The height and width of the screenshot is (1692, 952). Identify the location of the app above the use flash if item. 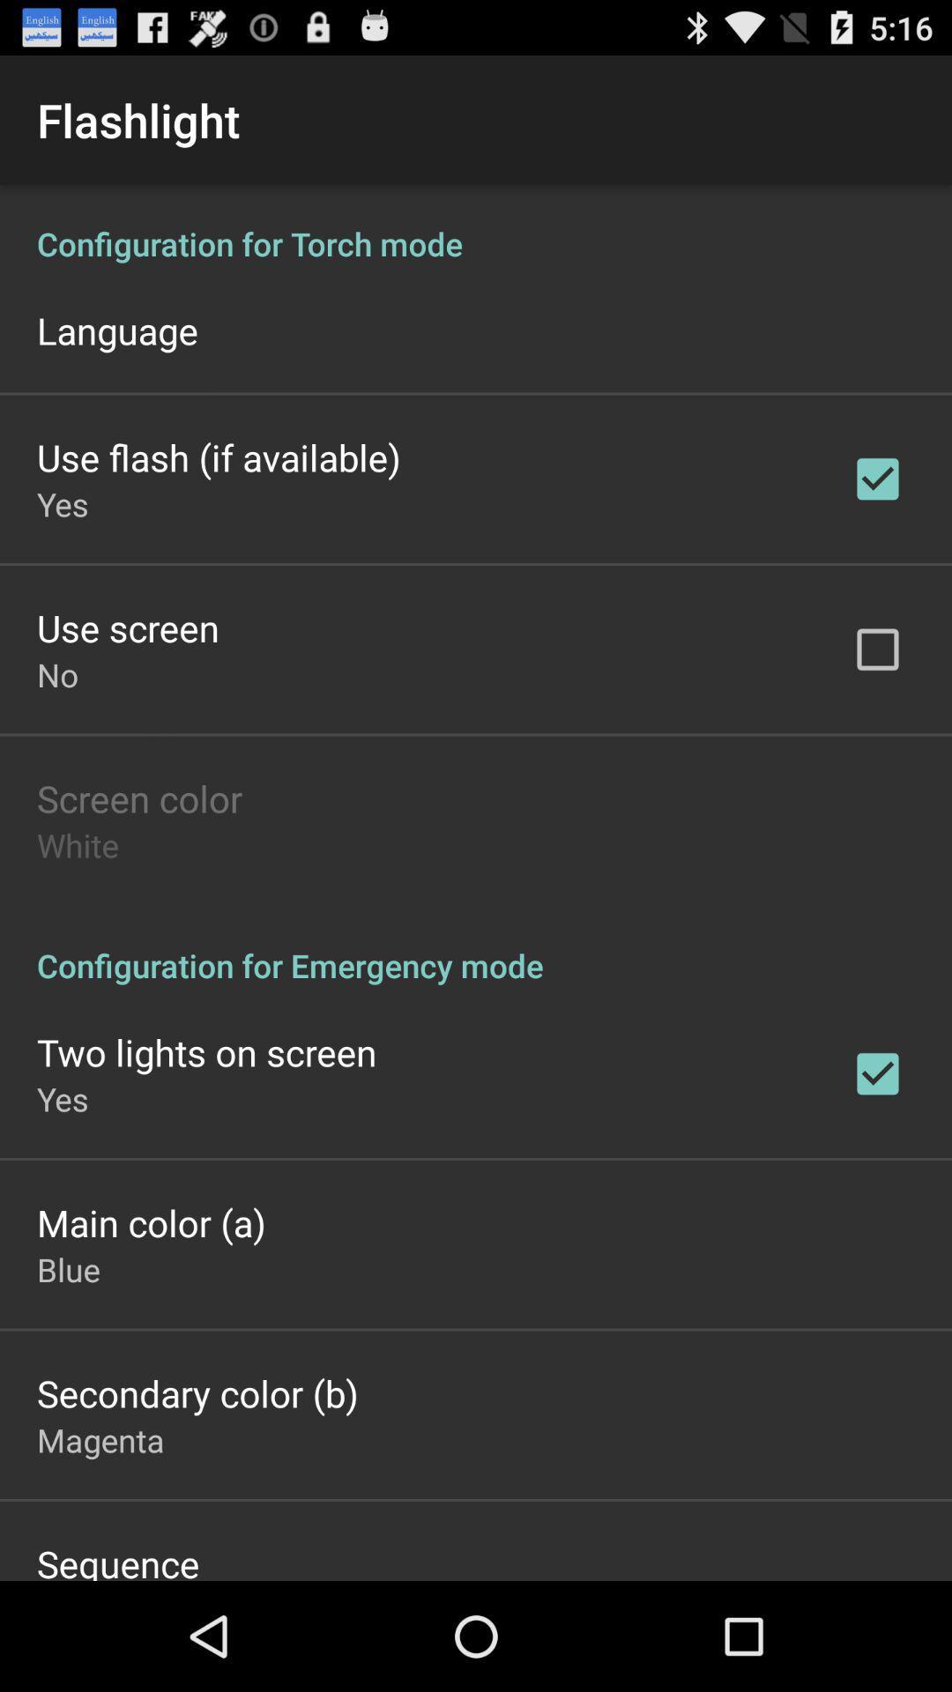
(117, 330).